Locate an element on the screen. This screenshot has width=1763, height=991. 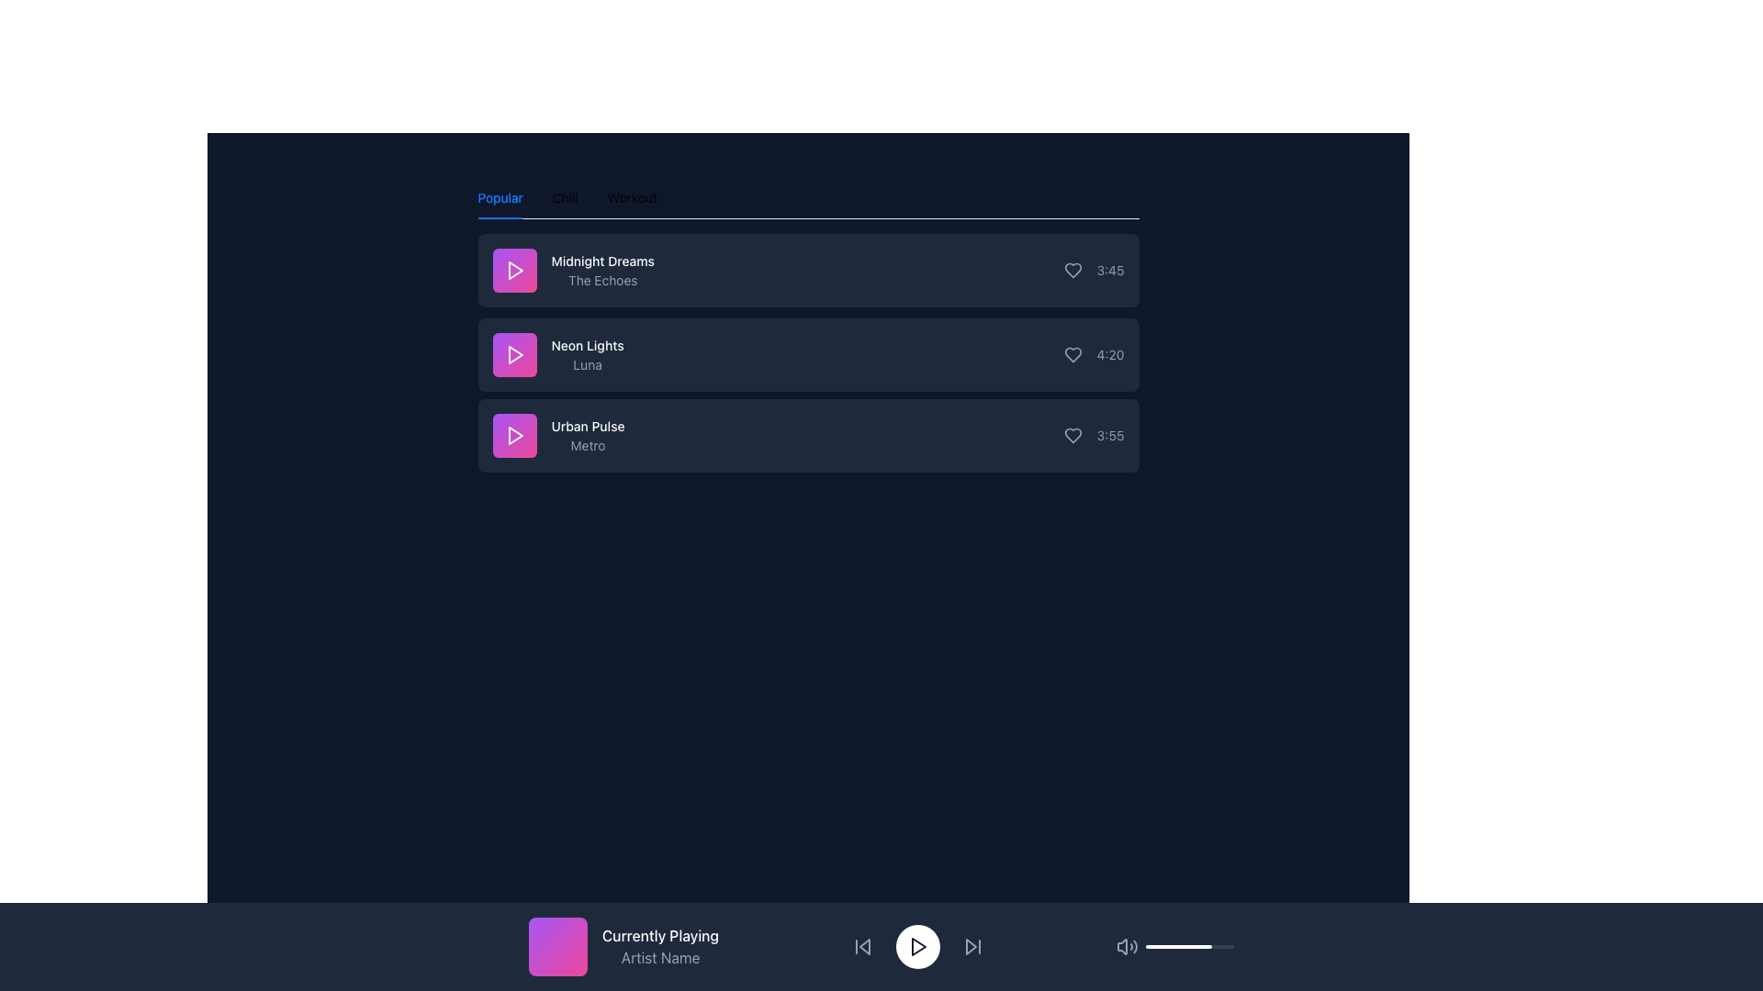
the text label displaying the song title and artist name located in the first row of the song list, positioned to the right of the play button is located at coordinates (572, 270).